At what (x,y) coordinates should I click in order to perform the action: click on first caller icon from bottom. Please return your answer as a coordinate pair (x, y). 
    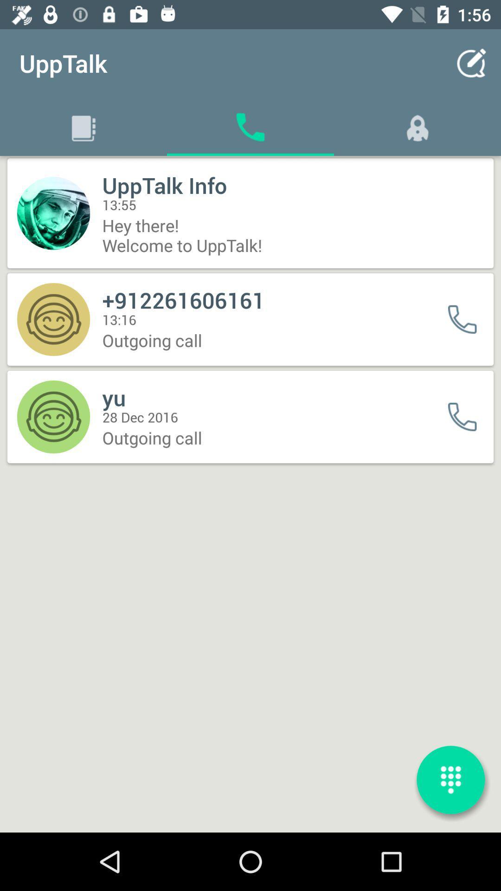
    Looking at the image, I should click on (469, 416).